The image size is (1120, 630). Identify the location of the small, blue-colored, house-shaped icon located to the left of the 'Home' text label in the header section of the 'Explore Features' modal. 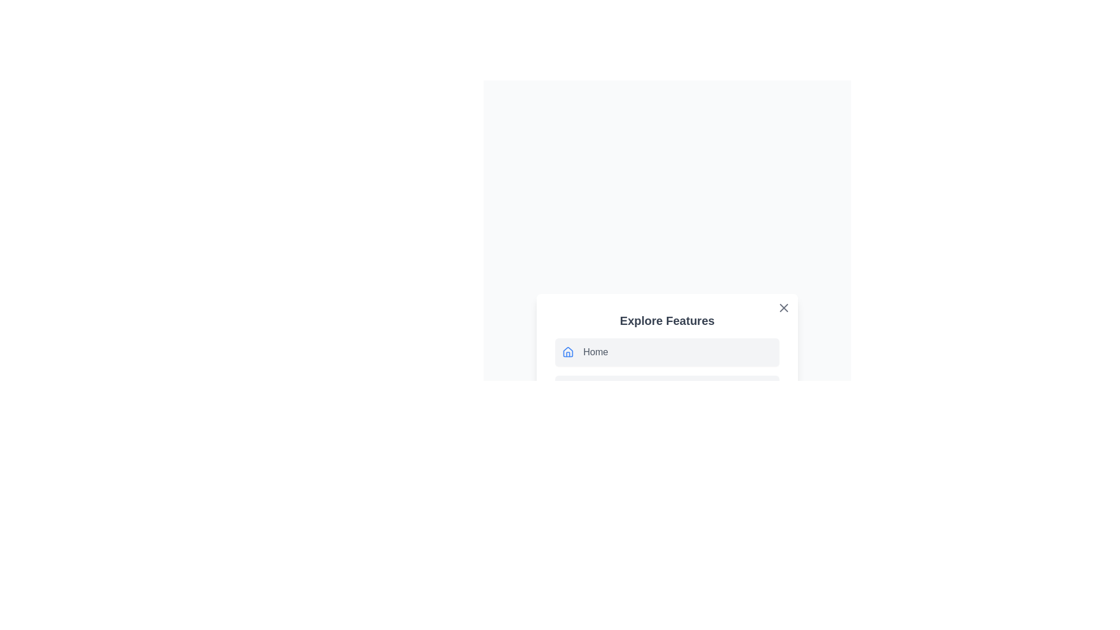
(568, 352).